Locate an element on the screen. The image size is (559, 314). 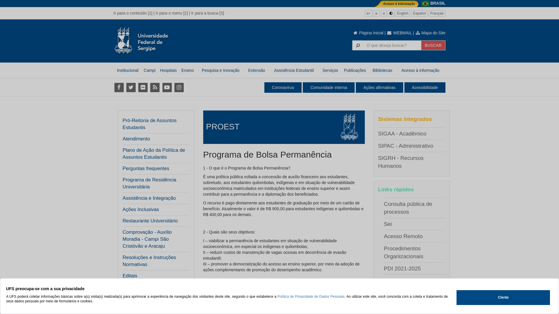
'English' is located at coordinates (402, 13).